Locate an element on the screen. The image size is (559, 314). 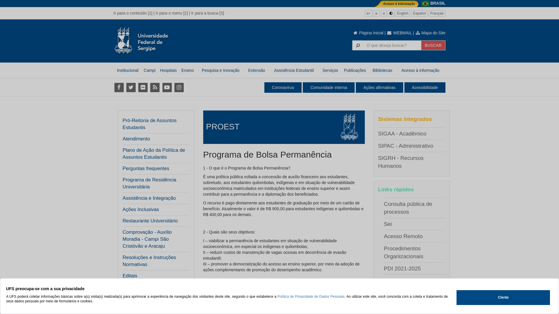
'English' is located at coordinates (402, 13).